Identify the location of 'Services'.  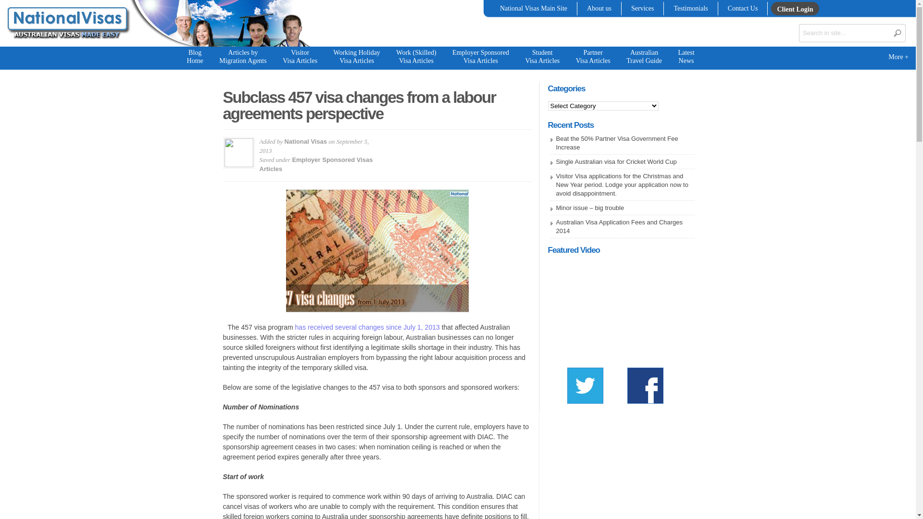
(629, 9).